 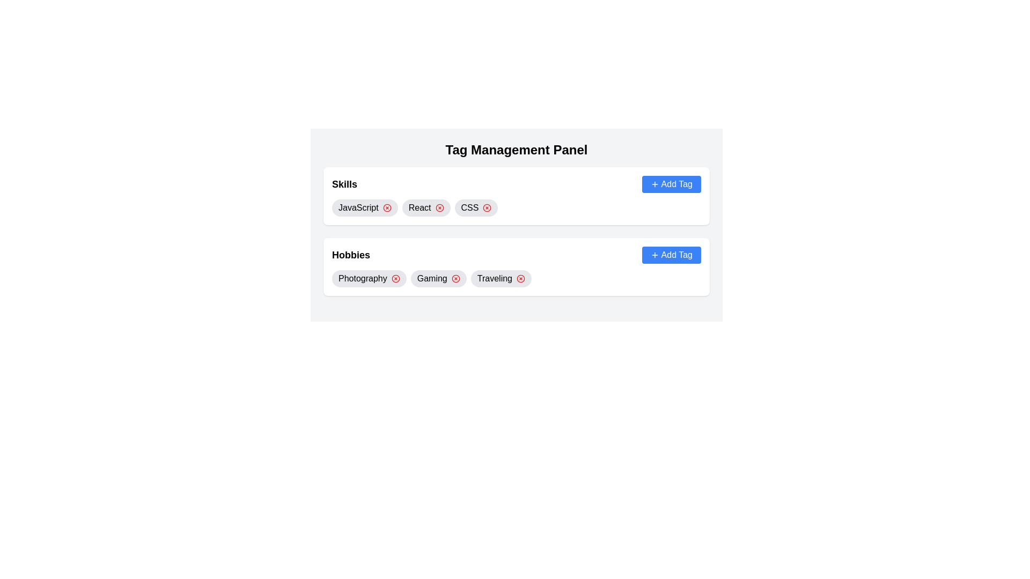 What do you see at coordinates (386, 208) in the screenshot?
I see `the removal button located in the 'Skills' section next to the 'JavaScript' tag to observe a color change` at bounding box center [386, 208].